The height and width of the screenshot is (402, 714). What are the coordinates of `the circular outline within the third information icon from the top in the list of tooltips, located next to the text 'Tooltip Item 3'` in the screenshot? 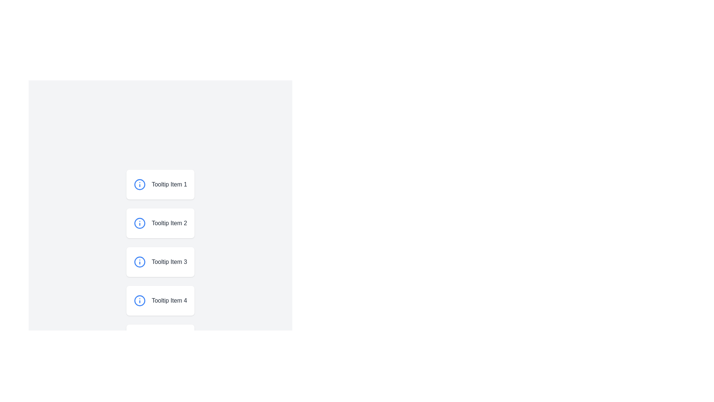 It's located at (139, 262).